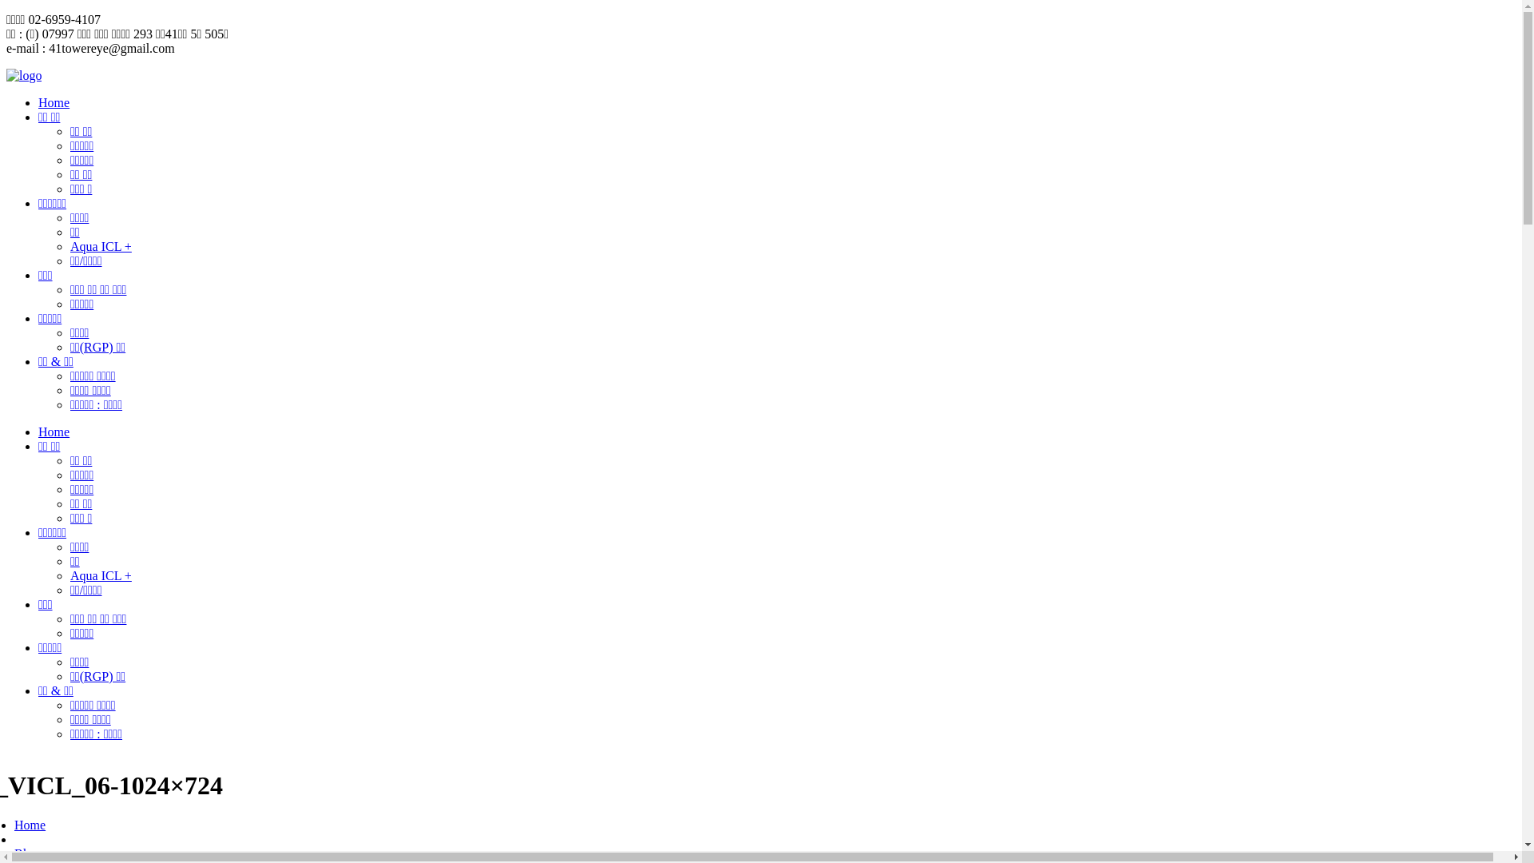  Describe the element at coordinates (54, 102) in the screenshot. I see `'Home'` at that location.